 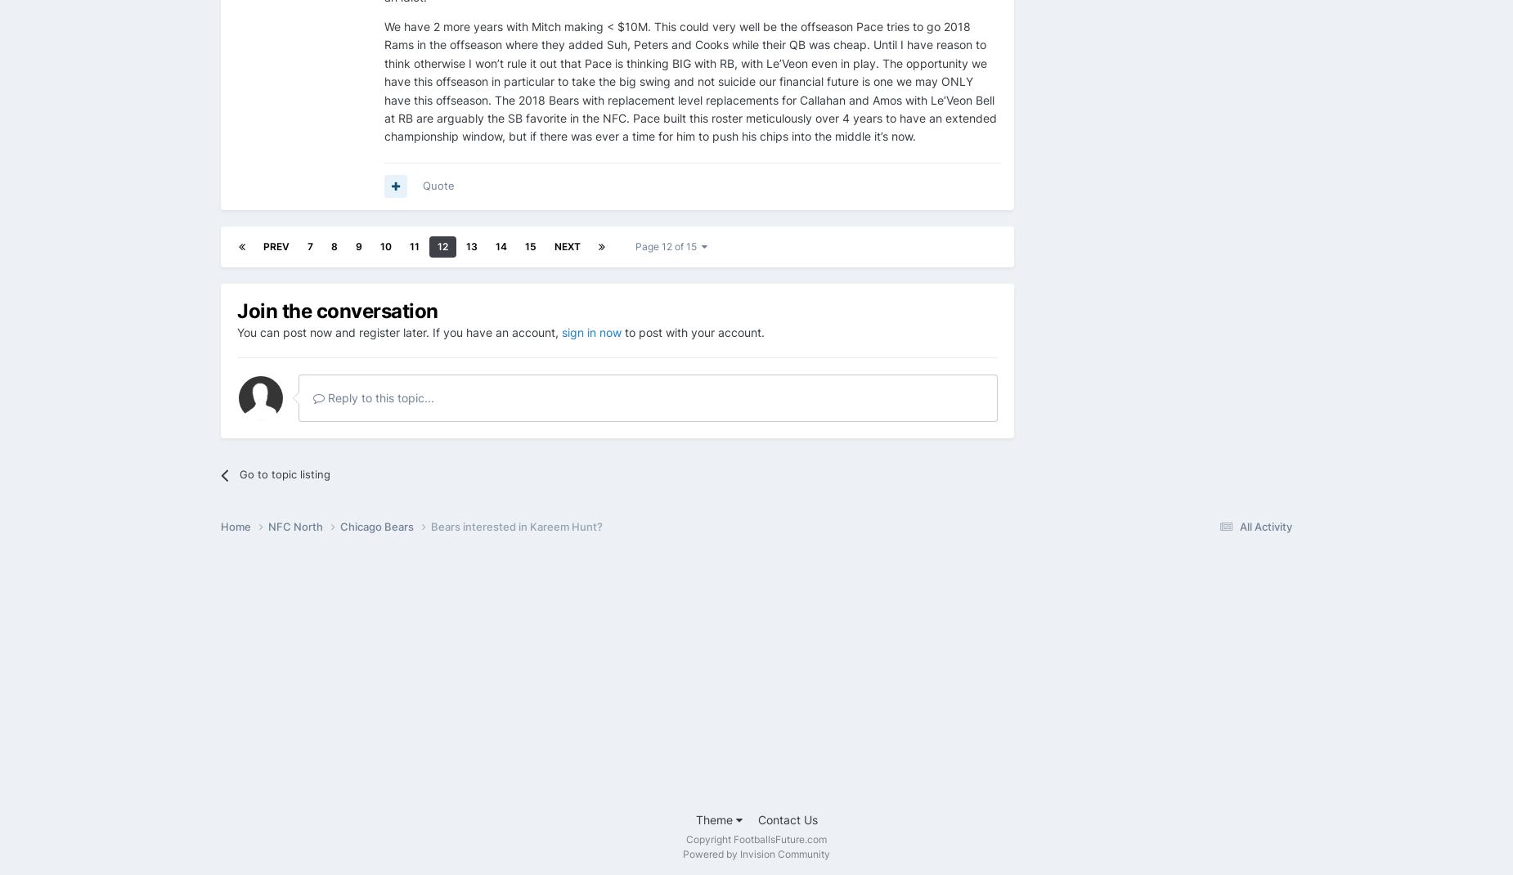 I want to click on '13', so click(x=472, y=245).